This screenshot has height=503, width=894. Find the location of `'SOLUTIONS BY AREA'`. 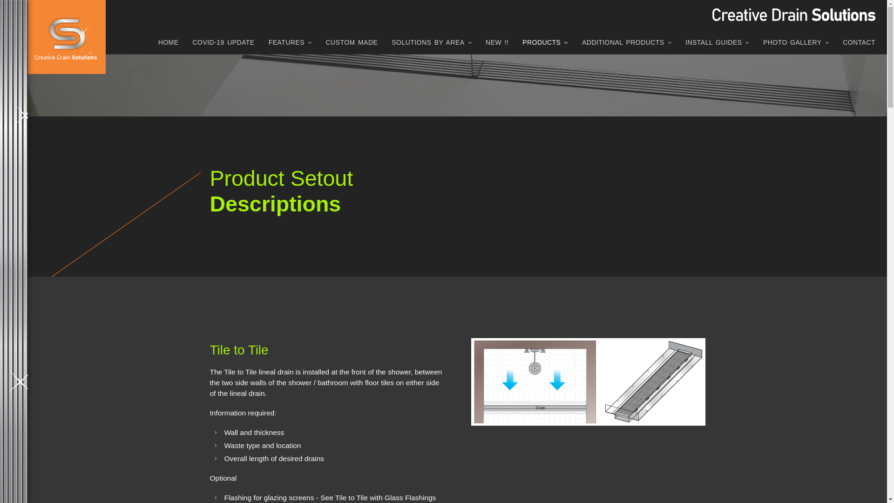

'SOLUTIONS BY AREA' is located at coordinates (431, 44).